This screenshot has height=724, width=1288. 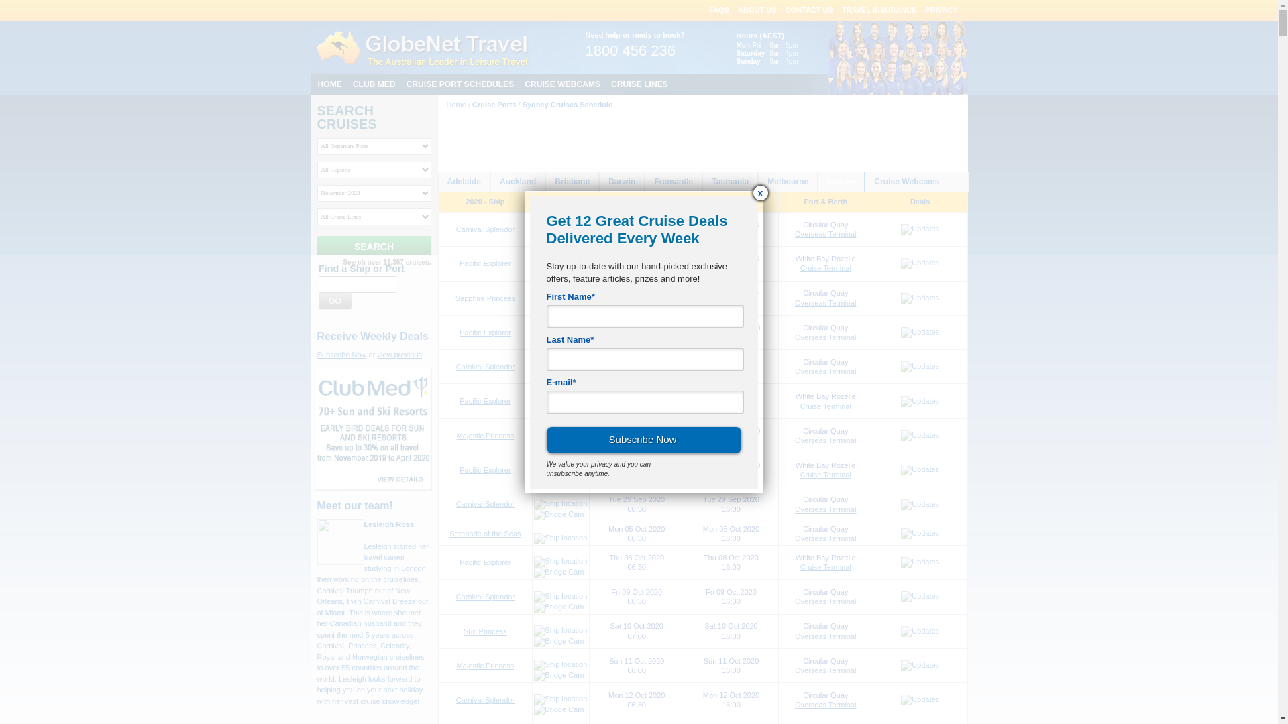 What do you see at coordinates (376, 353) in the screenshot?
I see `'view previous'` at bounding box center [376, 353].